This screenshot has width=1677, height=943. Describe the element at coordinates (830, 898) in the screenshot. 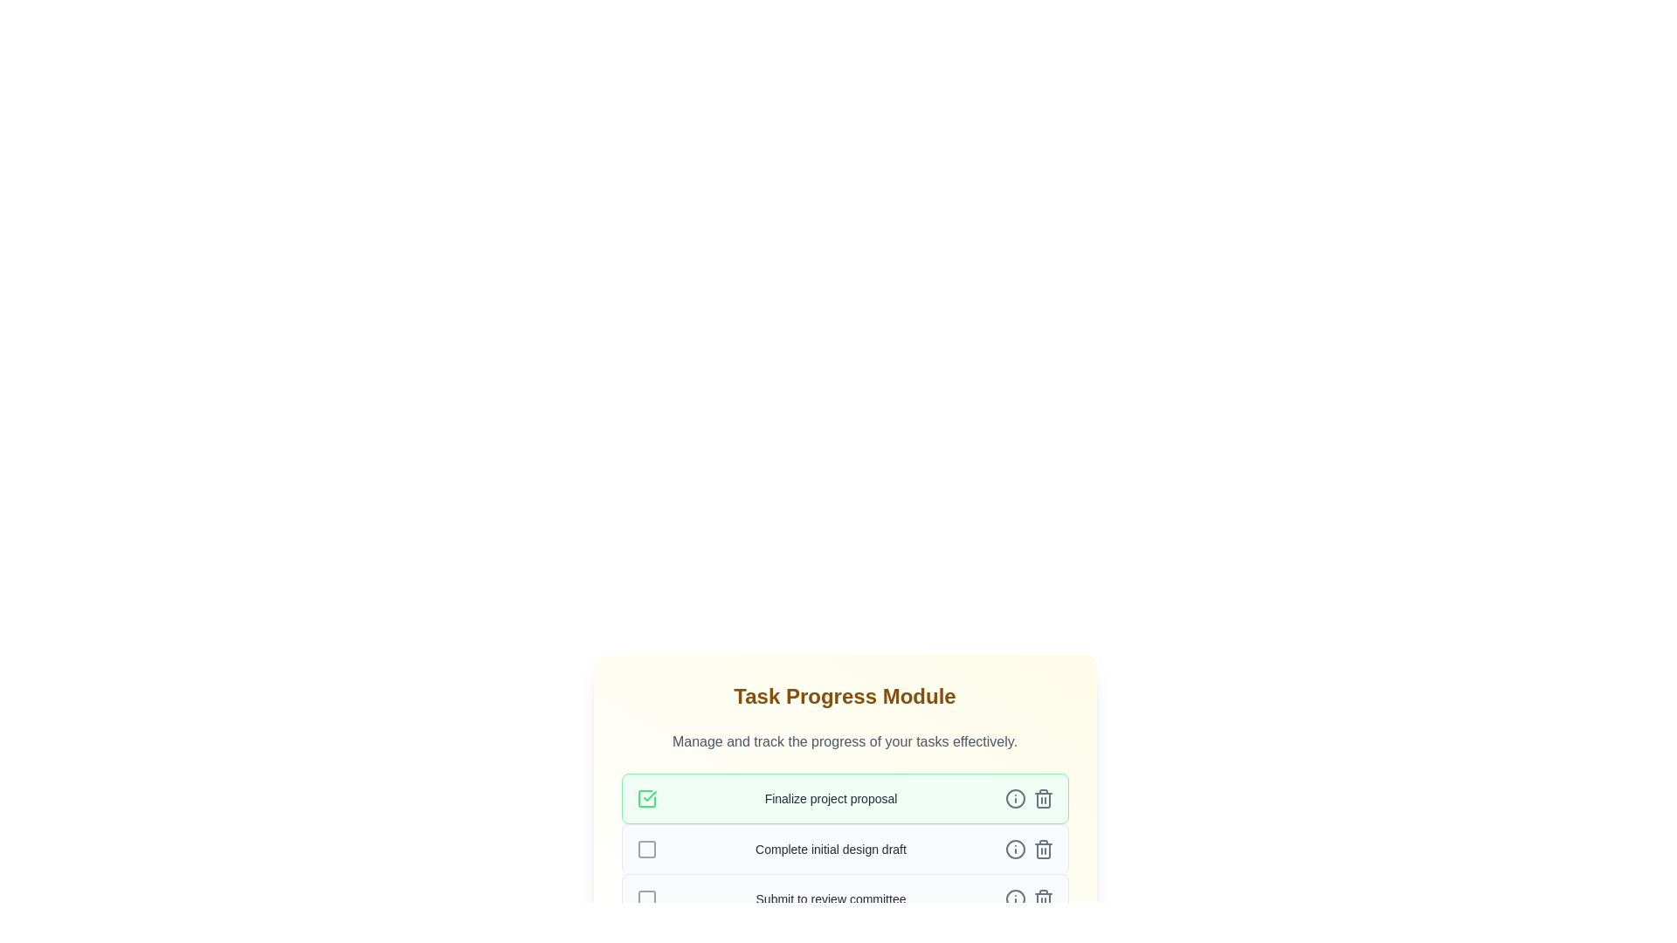

I see `text from the Text Label displaying 'Submit to review committee', which is styled in dark gray and located near the middle of a list of items` at that location.